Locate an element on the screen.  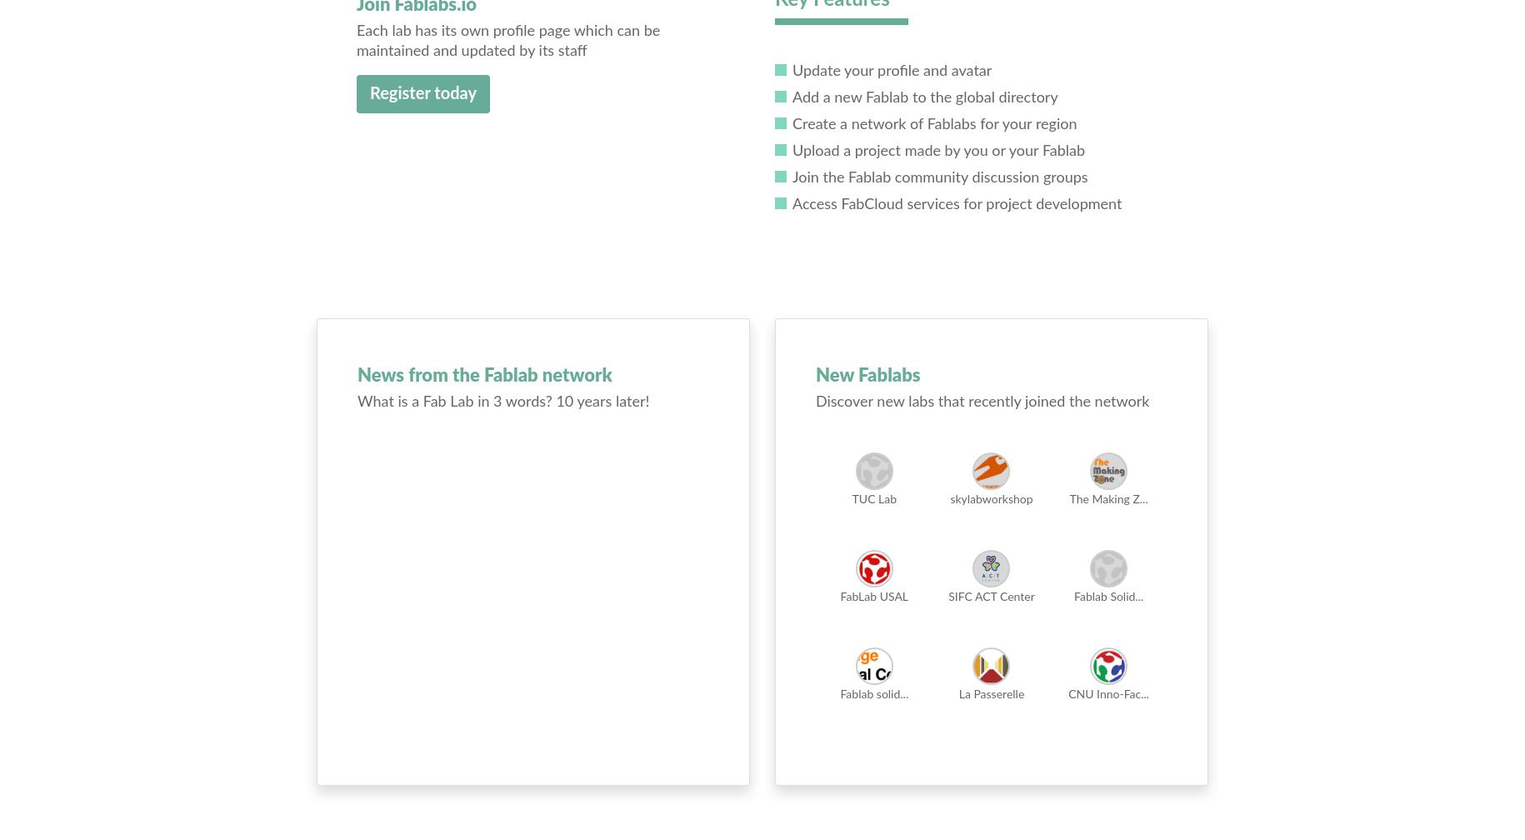
'Fablab solid...' is located at coordinates (873, 695).